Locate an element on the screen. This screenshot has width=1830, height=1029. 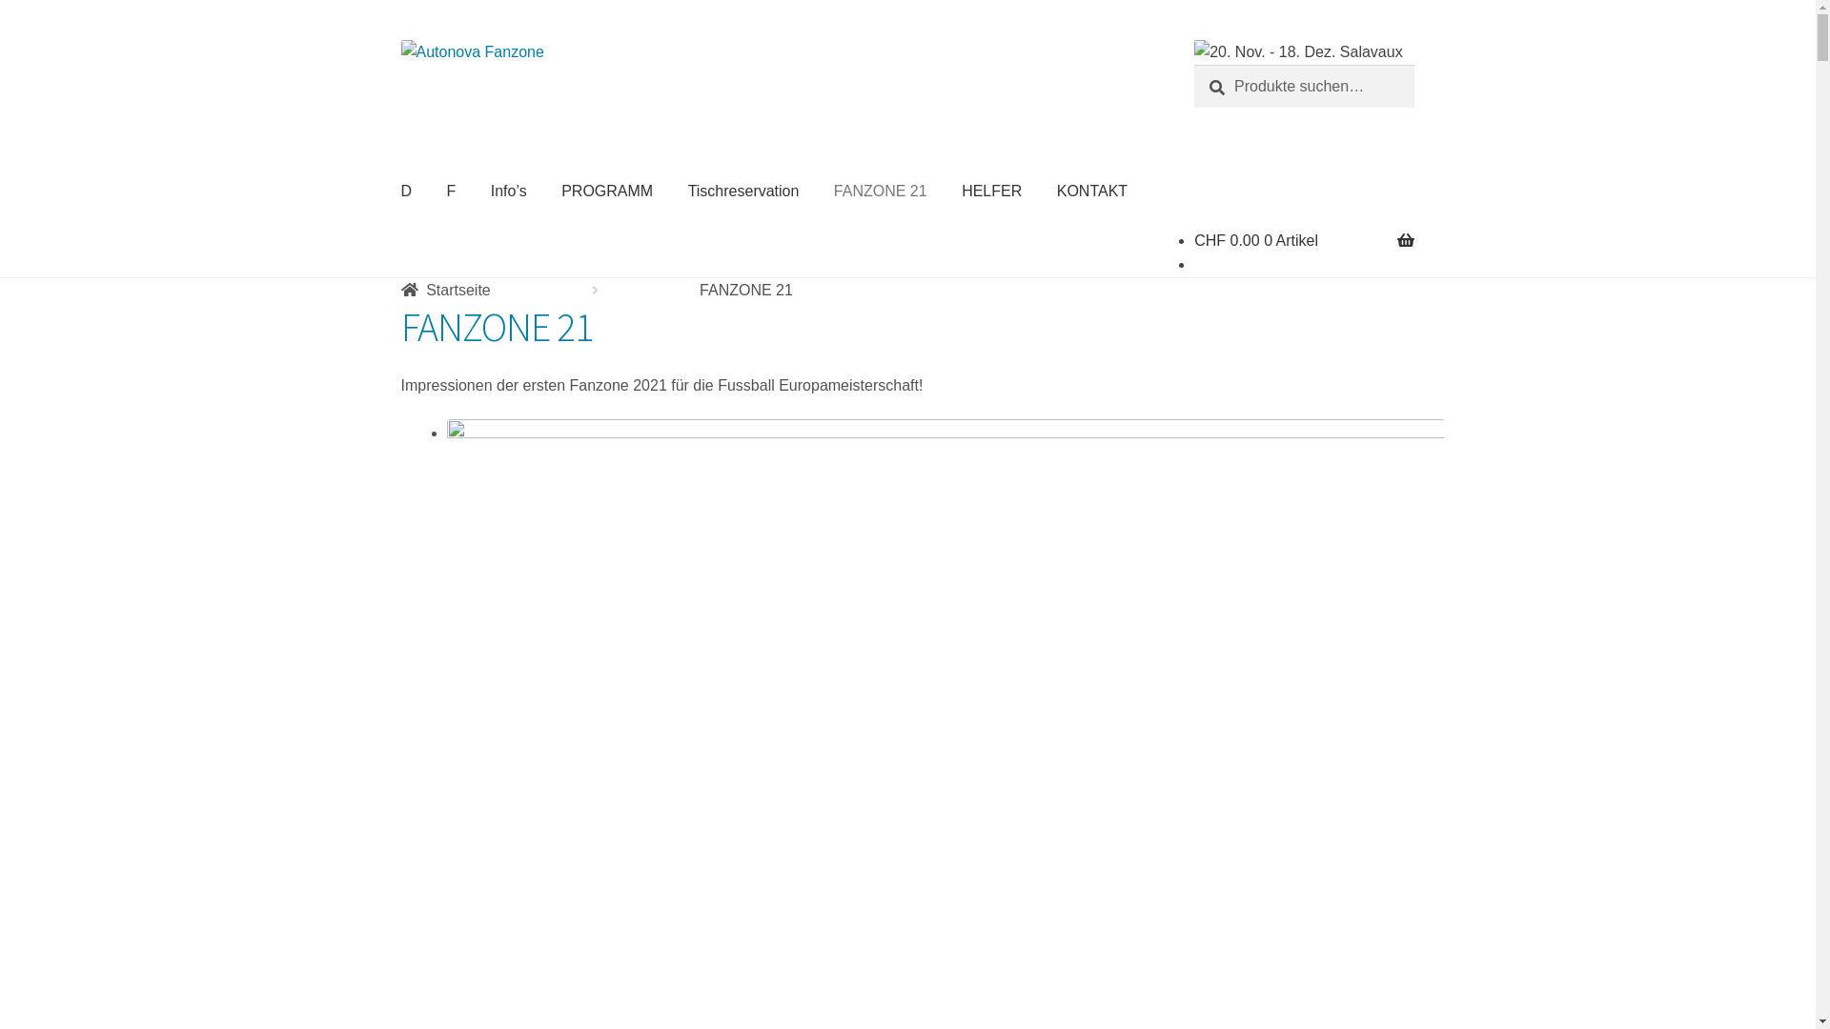
'Suche' is located at coordinates (1192, 63).